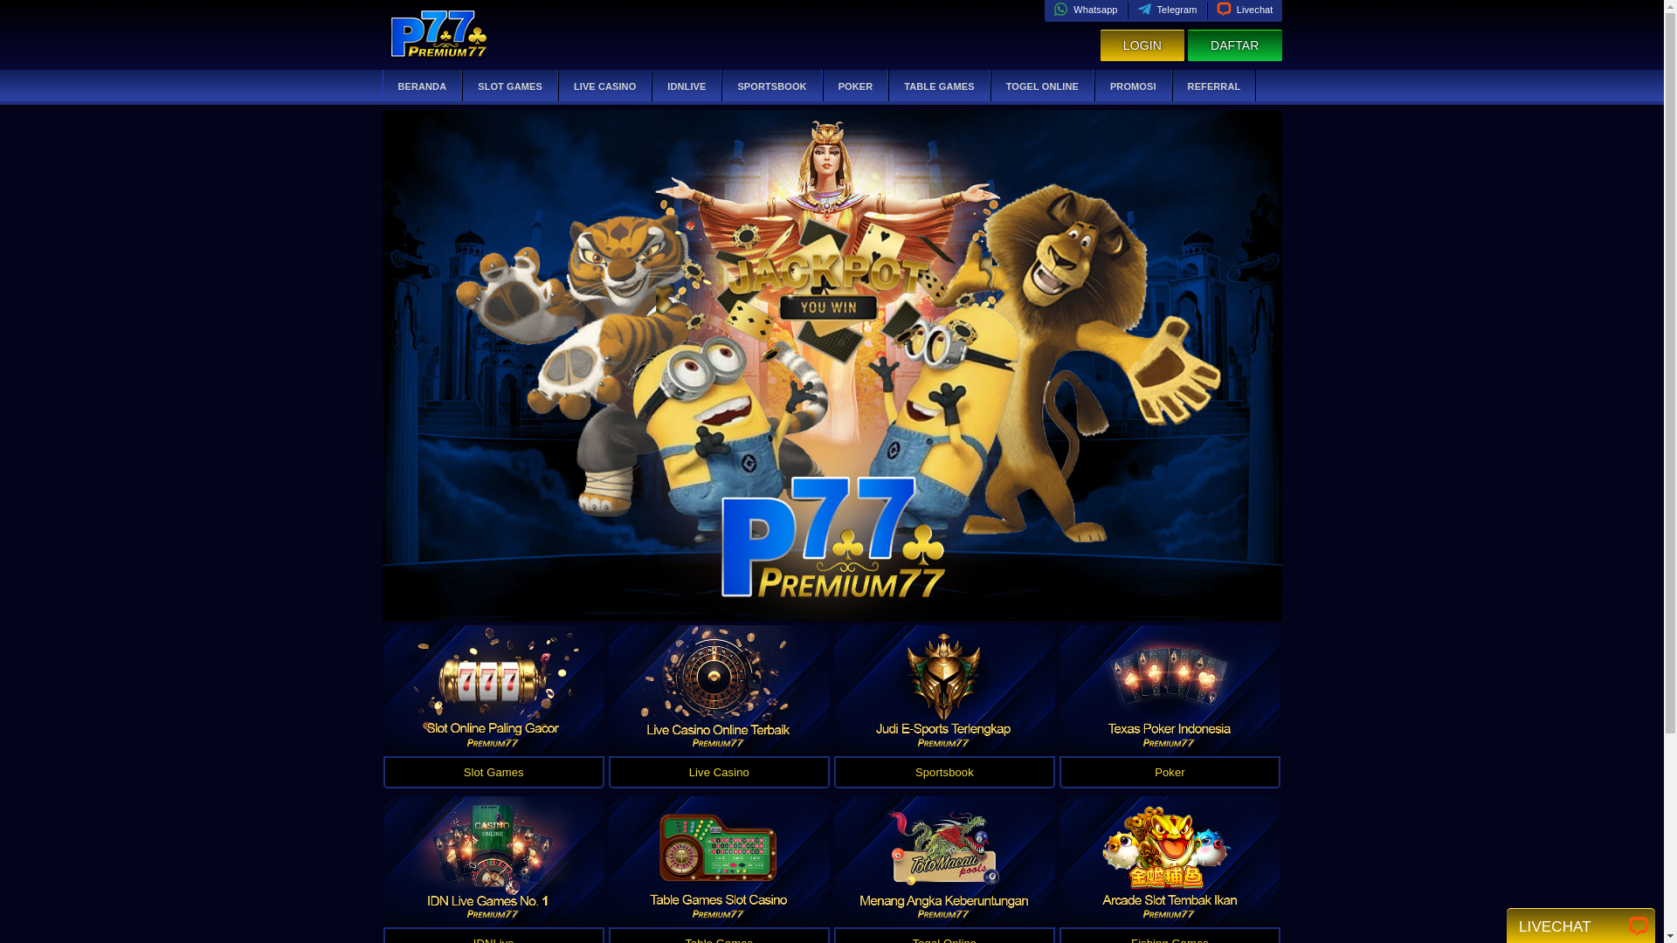  Describe the element at coordinates (1136, 10) in the screenshot. I see `'Telegram'` at that location.